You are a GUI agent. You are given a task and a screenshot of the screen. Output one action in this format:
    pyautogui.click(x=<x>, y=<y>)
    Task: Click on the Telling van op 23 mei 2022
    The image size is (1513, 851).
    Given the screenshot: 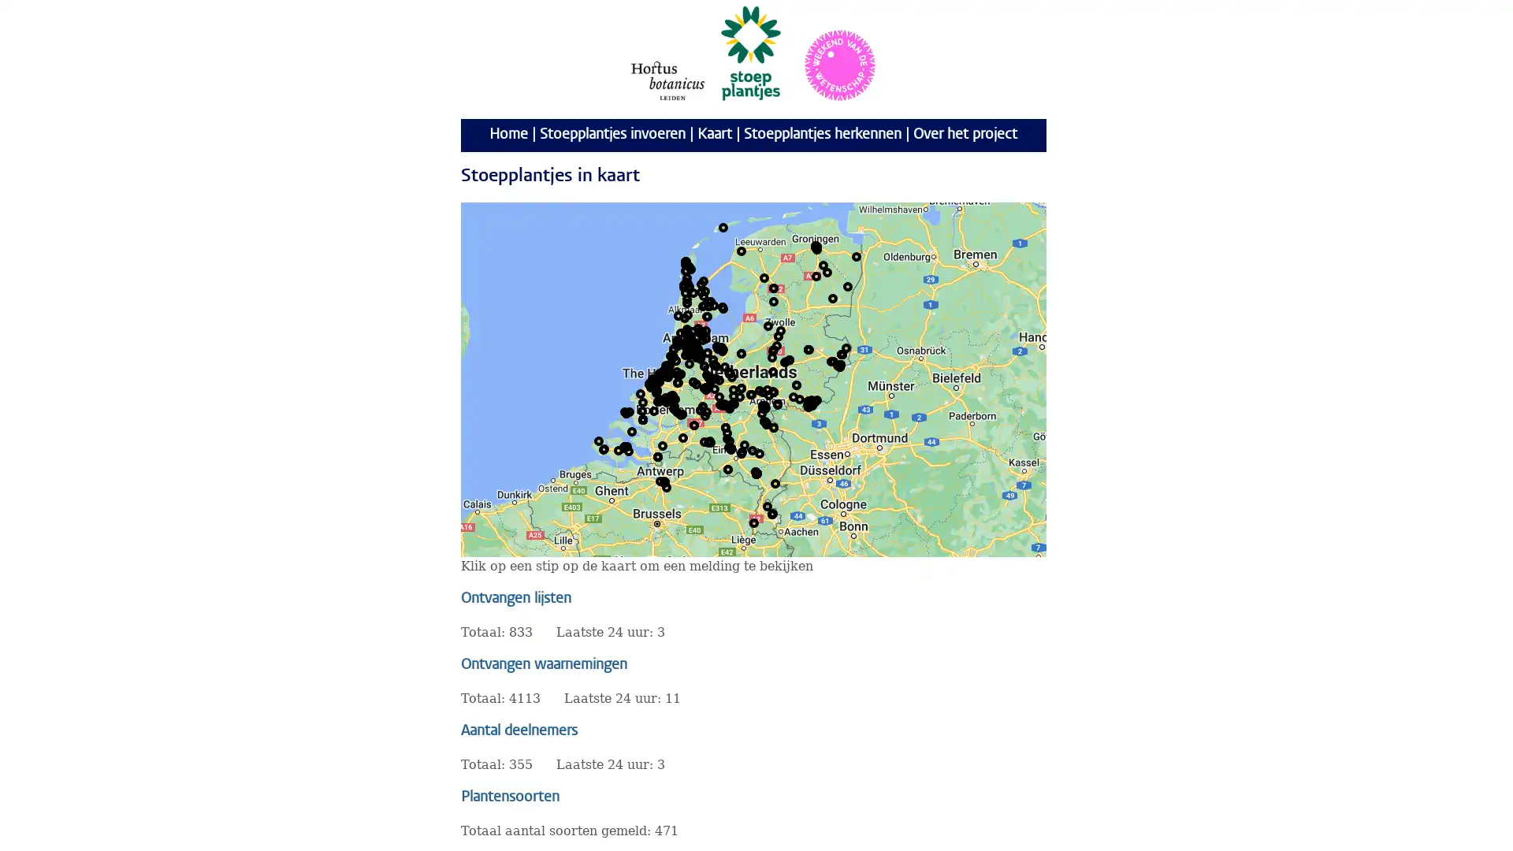 What is the action you would take?
    pyautogui.click(x=691, y=343)
    